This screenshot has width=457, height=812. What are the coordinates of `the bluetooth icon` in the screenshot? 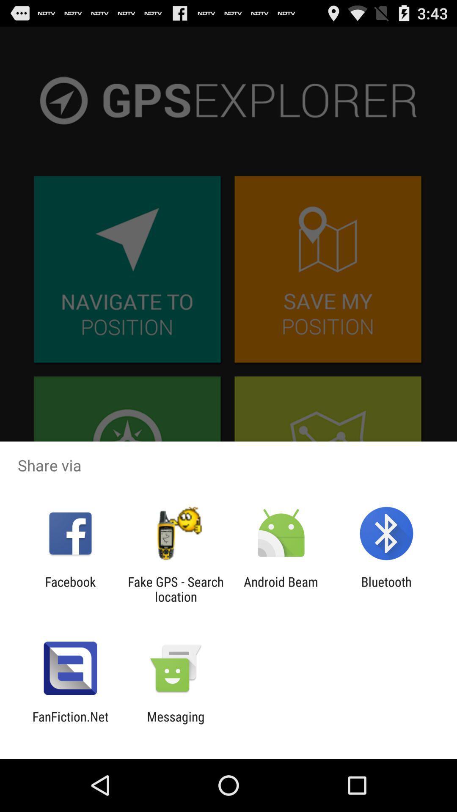 It's located at (386, 589).